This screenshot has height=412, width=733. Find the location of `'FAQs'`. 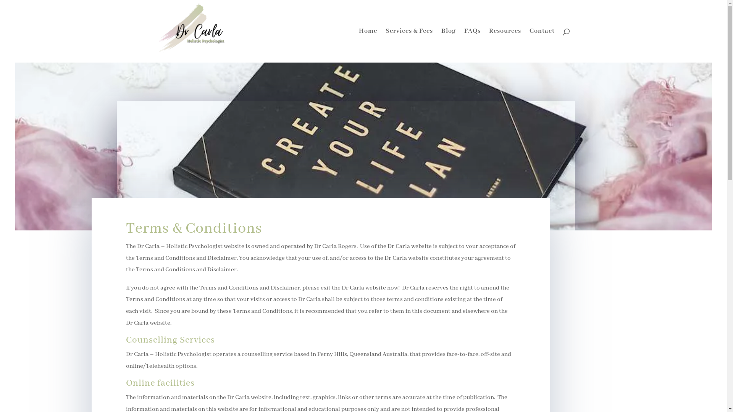

'FAQs' is located at coordinates (472, 45).